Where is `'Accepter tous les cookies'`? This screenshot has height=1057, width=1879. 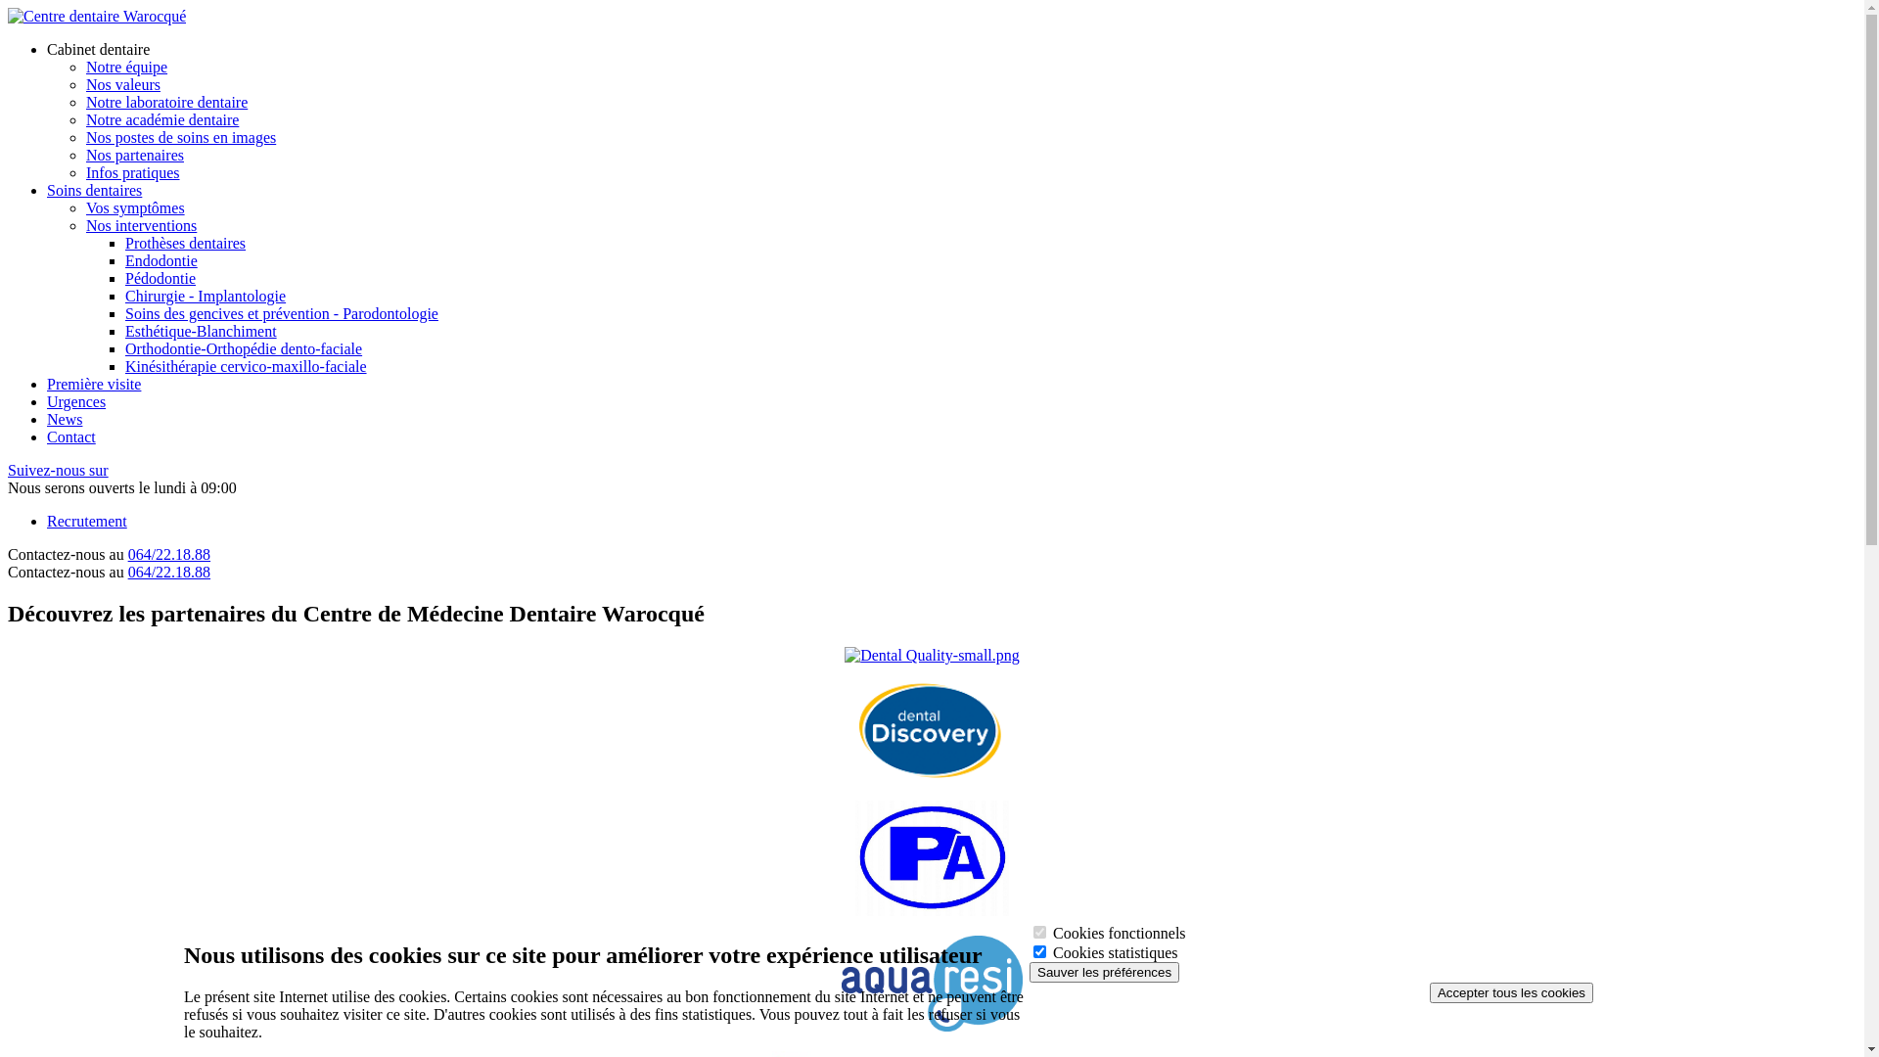 'Accepter tous les cookies' is located at coordinates (1510, 992).